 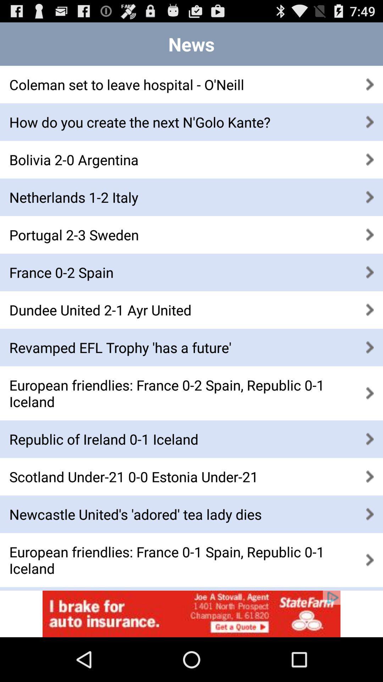 What do you see at coordinates (191, 613) in the screenshot?
I see `advertisement` at bounding box center [191, 613].